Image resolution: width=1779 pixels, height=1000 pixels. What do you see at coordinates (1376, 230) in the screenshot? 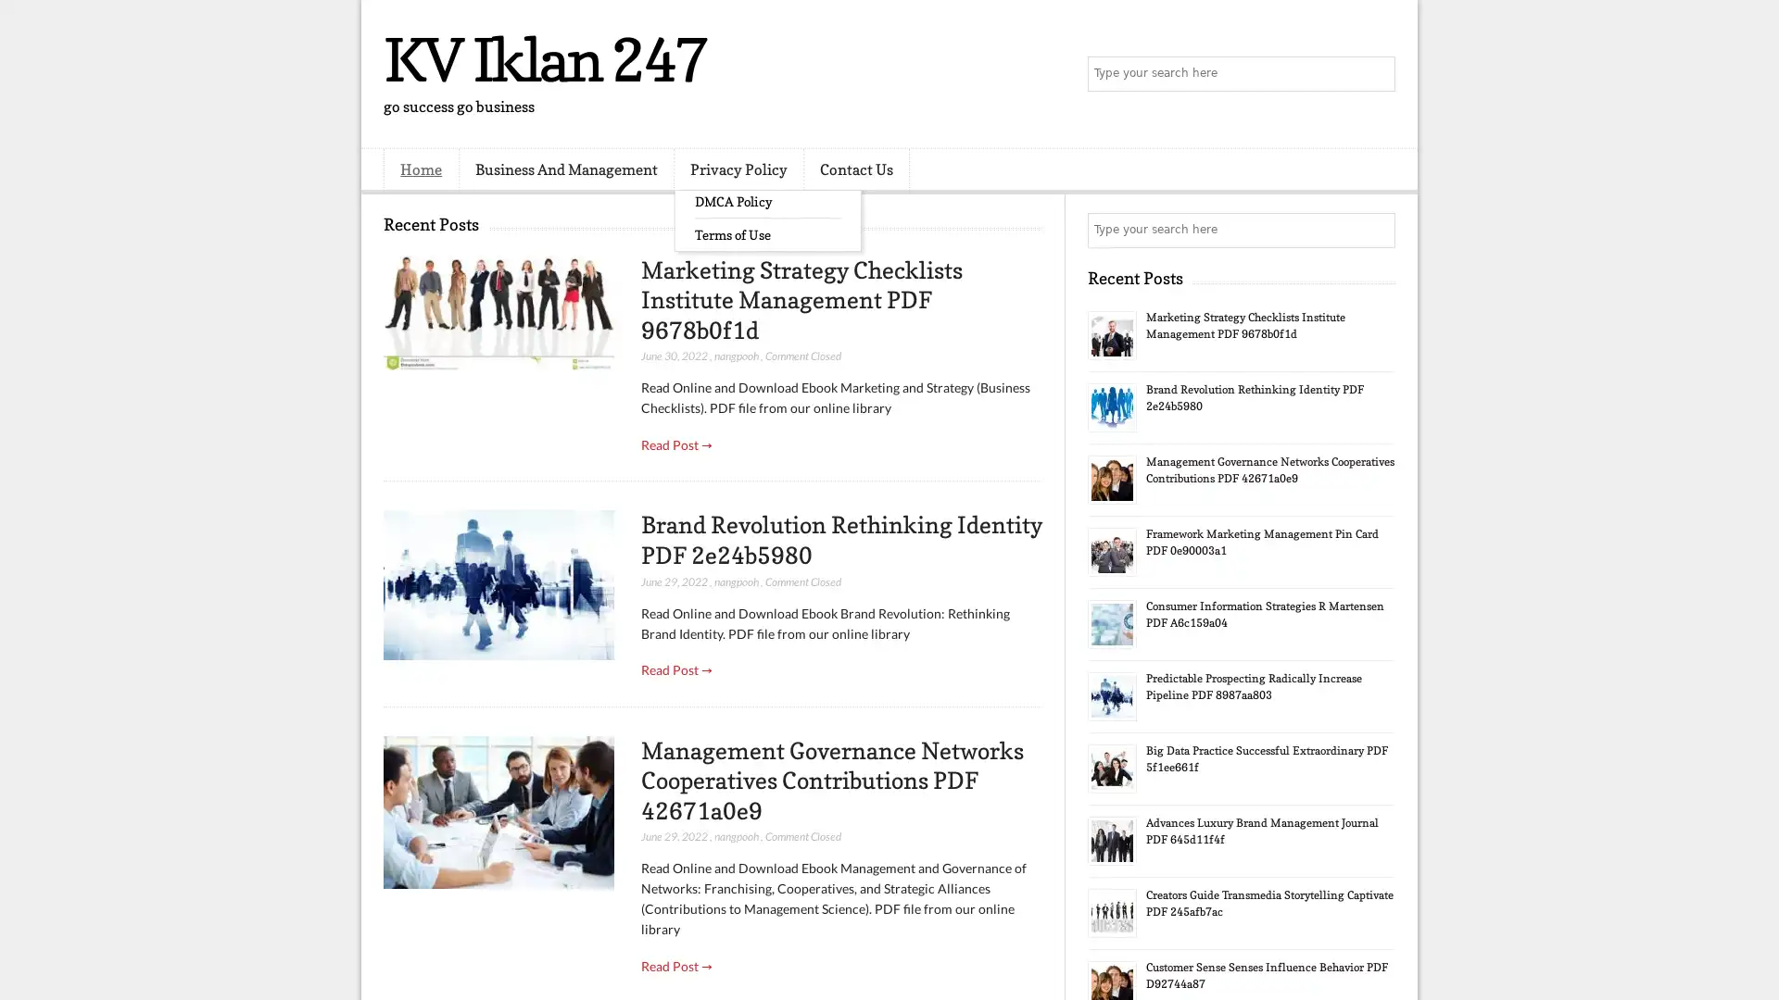
I see `Search` at bounding box center [1376, 230].